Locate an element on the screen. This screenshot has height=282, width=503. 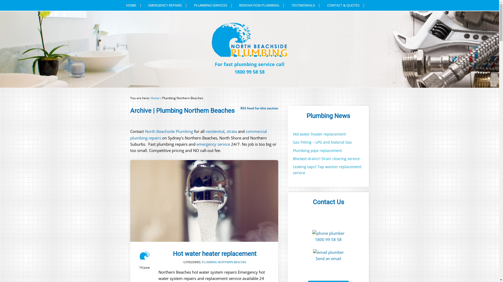
'CONTACT & QUOTES' is located at coordinates (346, 5).